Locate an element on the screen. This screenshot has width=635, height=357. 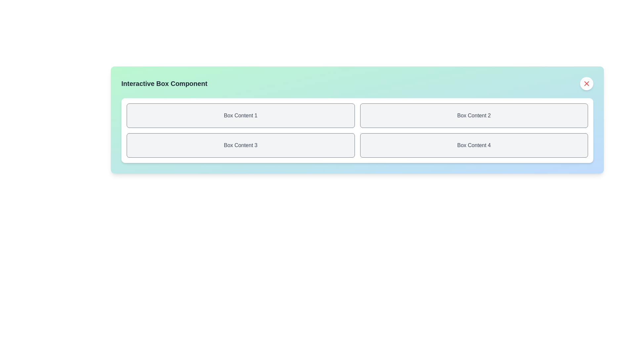
styling of the Text Label located in the bottom-right corner of the fourth section of the grid layout is located at coordinates (474, 145).